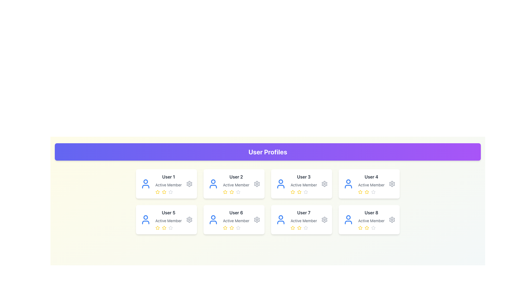 The width and height of the screenshot is (521, 293). What do you see at coordinates (360, 192) in the screenshot?
I see `the third star icon of the interactive star rating component located in the fourth card of the top row of user profiles for keyboard interaction` at bounding box center [360, 192].